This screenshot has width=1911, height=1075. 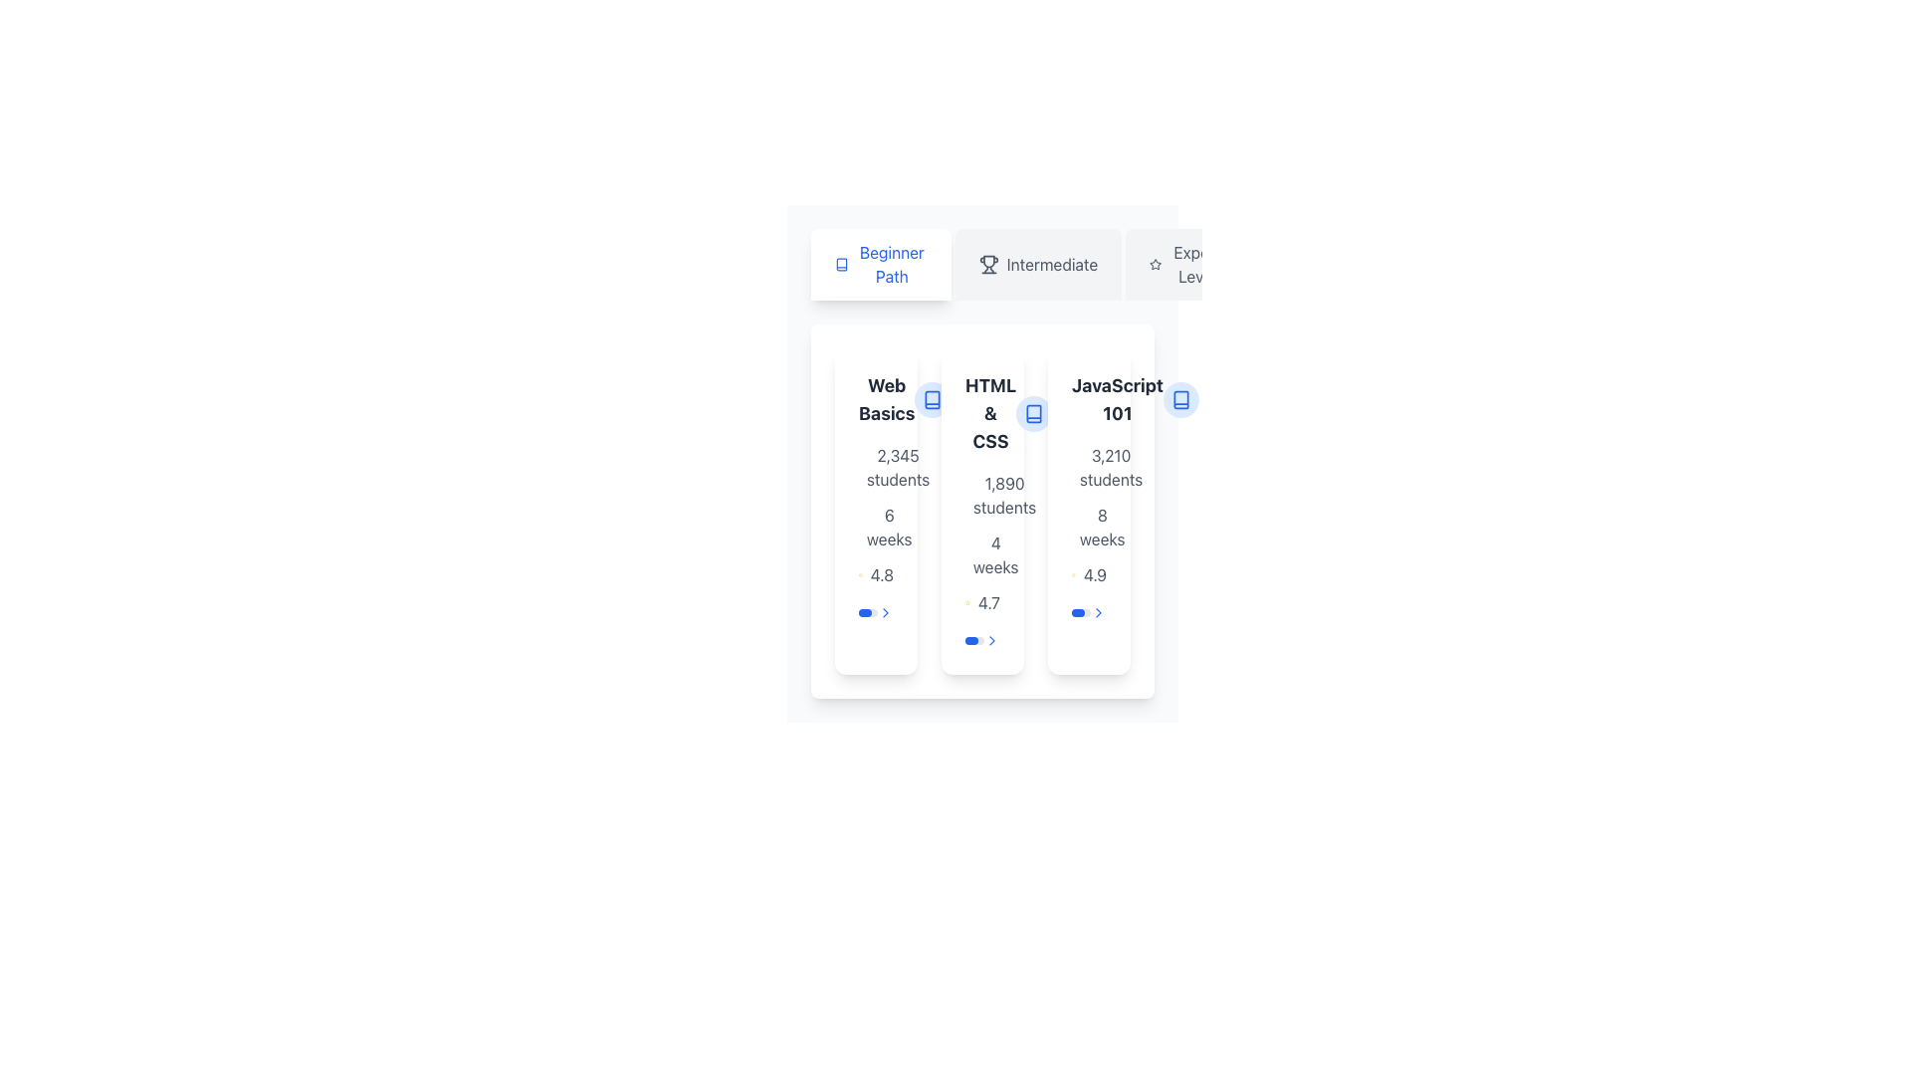 What do you see at coordinates (1156, 263) in the screenshot?
I see `the icon representing ratings or favorites for the JavaScript 101 course` at bounding box center [1156, 263].